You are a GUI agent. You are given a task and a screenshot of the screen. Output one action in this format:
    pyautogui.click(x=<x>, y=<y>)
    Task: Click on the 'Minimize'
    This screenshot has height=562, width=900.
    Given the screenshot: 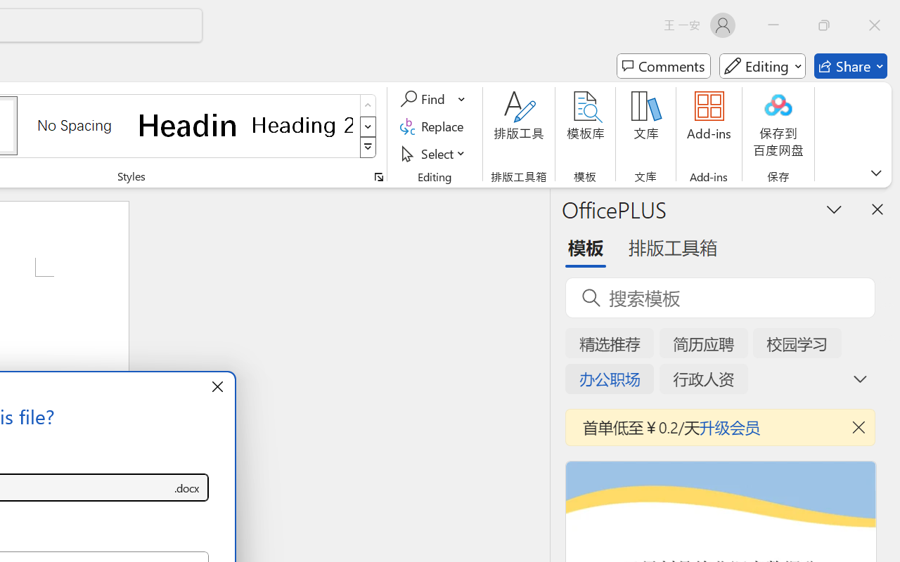 What is the action you would take?
    pyautogui.click(x=773, y=25)
    